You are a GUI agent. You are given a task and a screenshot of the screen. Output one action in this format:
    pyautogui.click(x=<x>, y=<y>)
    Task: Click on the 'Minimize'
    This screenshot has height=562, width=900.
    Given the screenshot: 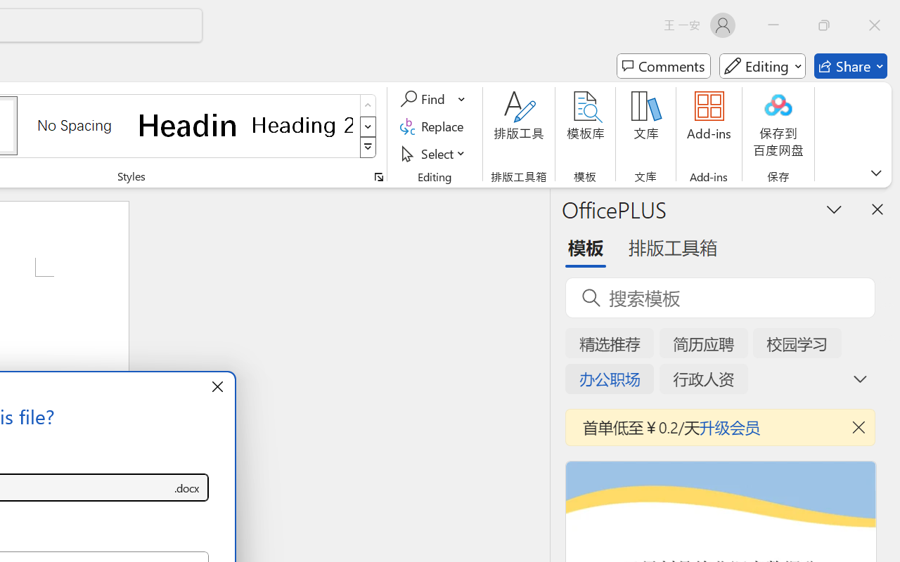 What is the action you would take?
    pyautogui.click(x=773, y=25)
    